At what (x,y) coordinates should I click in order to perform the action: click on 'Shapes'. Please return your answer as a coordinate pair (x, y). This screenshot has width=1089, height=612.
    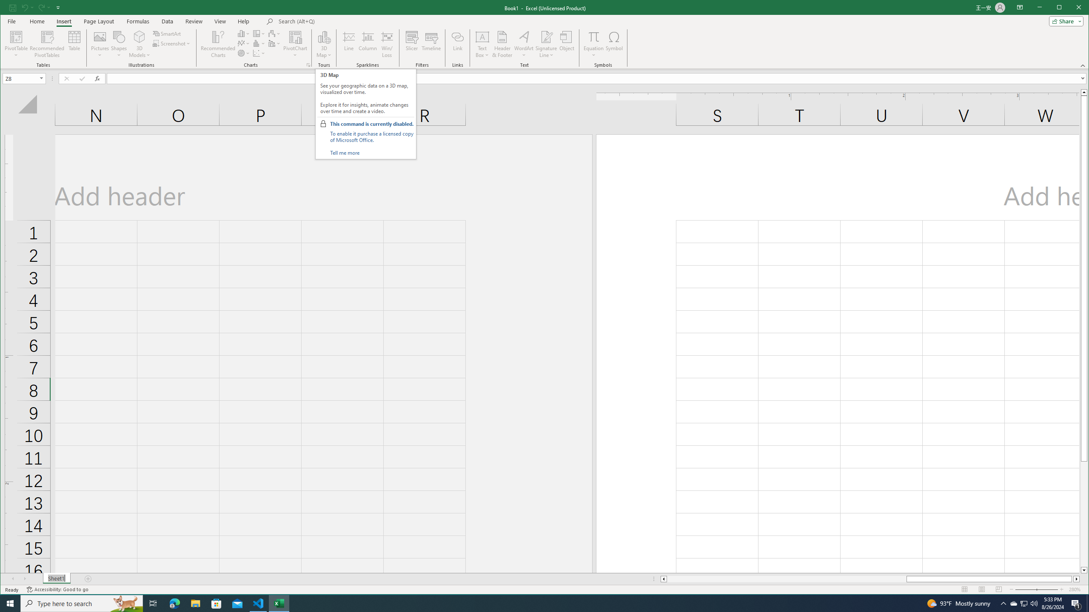
    Looking at the image, I should click on (119, 44).